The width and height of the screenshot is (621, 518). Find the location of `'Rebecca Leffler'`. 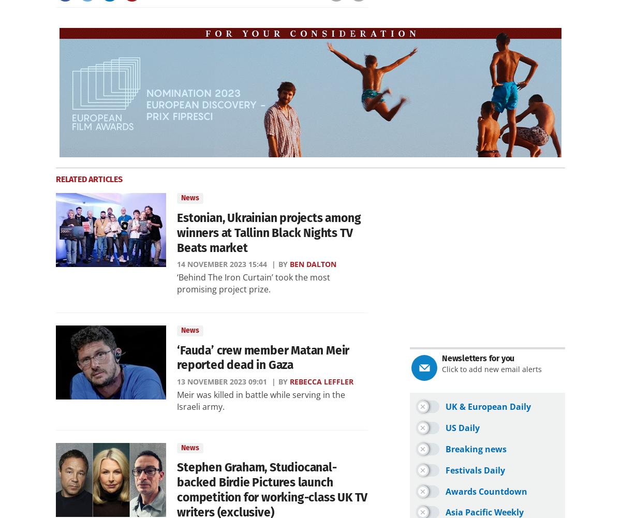

'Rebecca Leffler' is located at coordinates (289, 381).